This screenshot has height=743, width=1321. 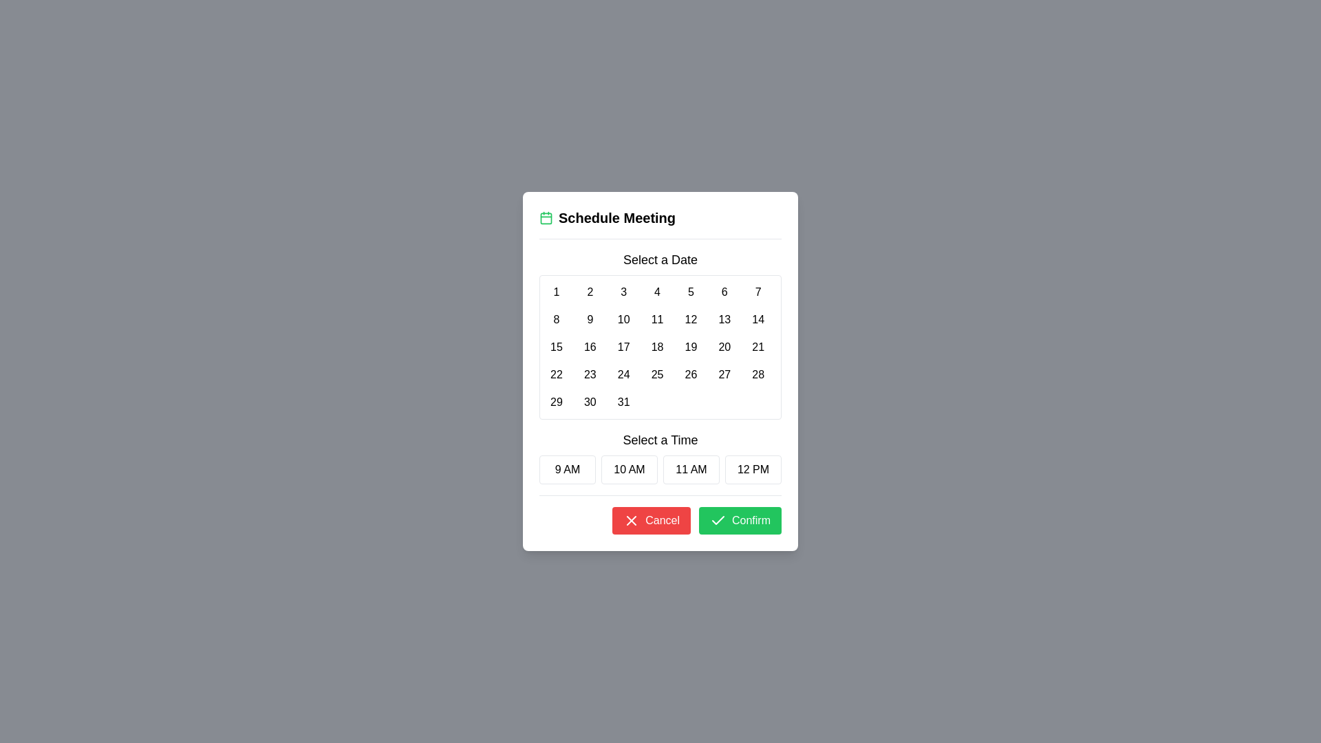 What do you see at coordinates (691, 320) in the screenshot?
I see `the rounded button containing the text '12' located in the second row and fifth column of the date options grid to observe its hover effects` at bounding box center [691, 320].